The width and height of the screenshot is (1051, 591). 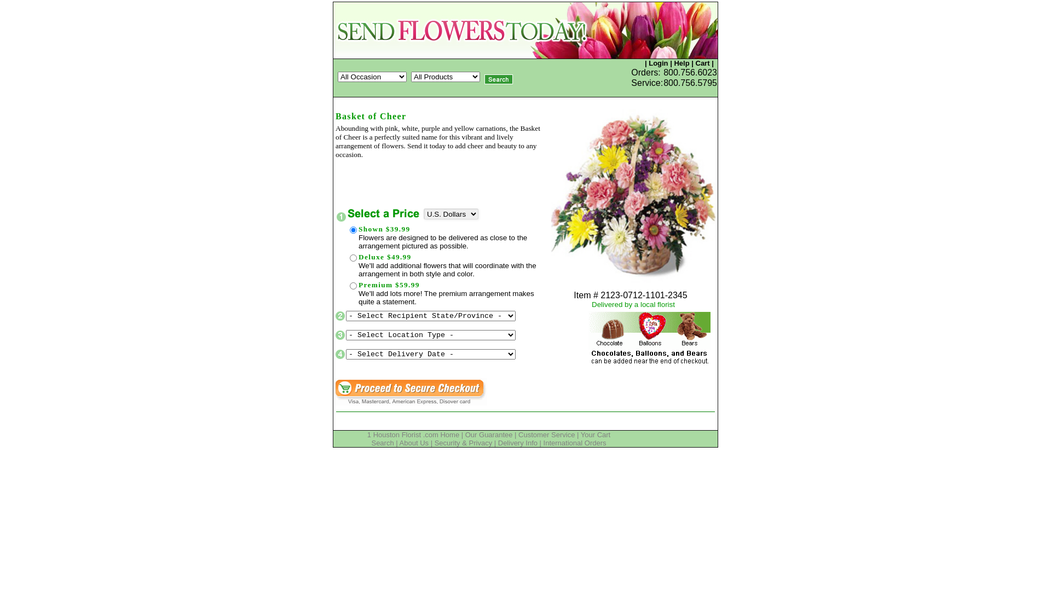 What do you see at coordinates (488, 434) in the screenshot?
I see `'Our Guarantee'` at bounding box center [488, 434].